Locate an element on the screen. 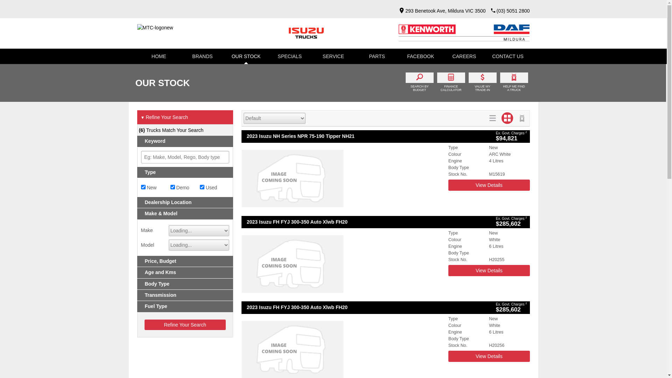  'SEARCH BY BUDGET' is located at coordinates (420, 82).